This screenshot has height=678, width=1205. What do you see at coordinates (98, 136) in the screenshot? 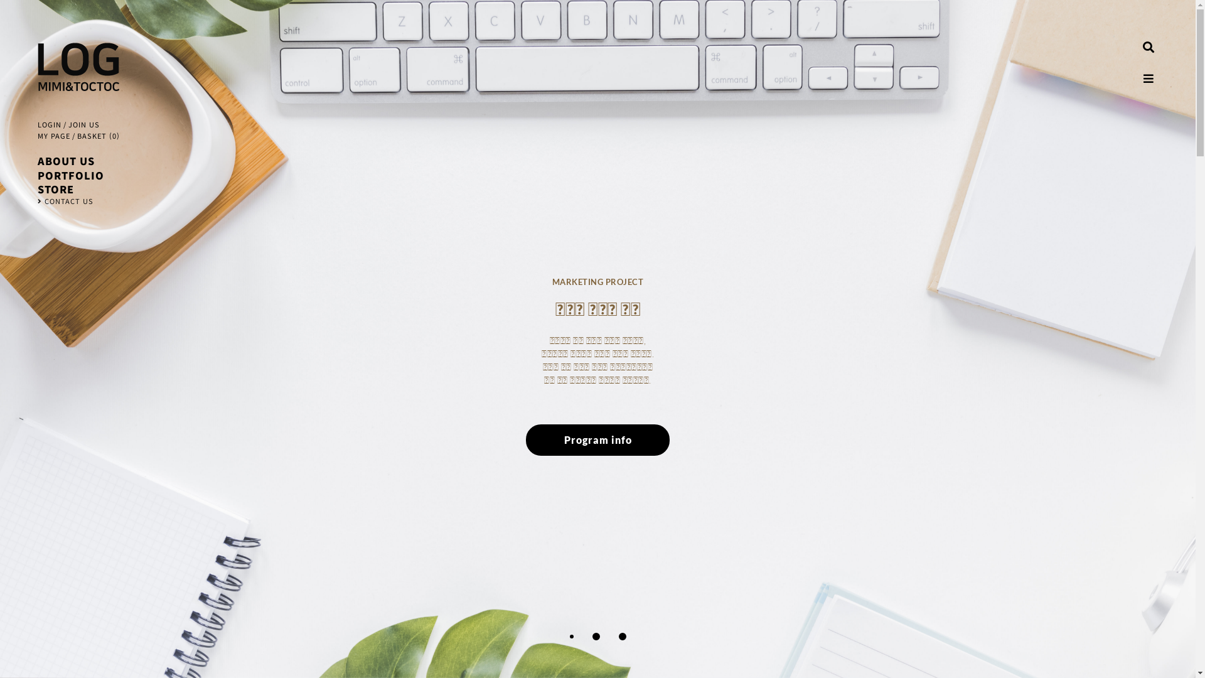
I see `'BASKET (0)'` at bounding box center [98, 136].